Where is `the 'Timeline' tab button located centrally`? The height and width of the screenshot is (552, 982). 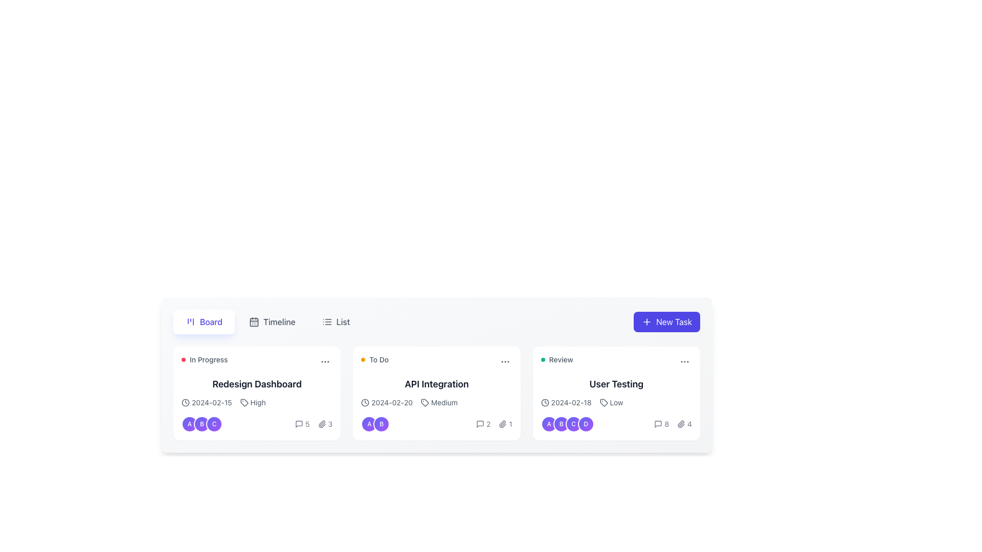
the 'Timeline' tab button located centrally is located at coordinates (267, 321).